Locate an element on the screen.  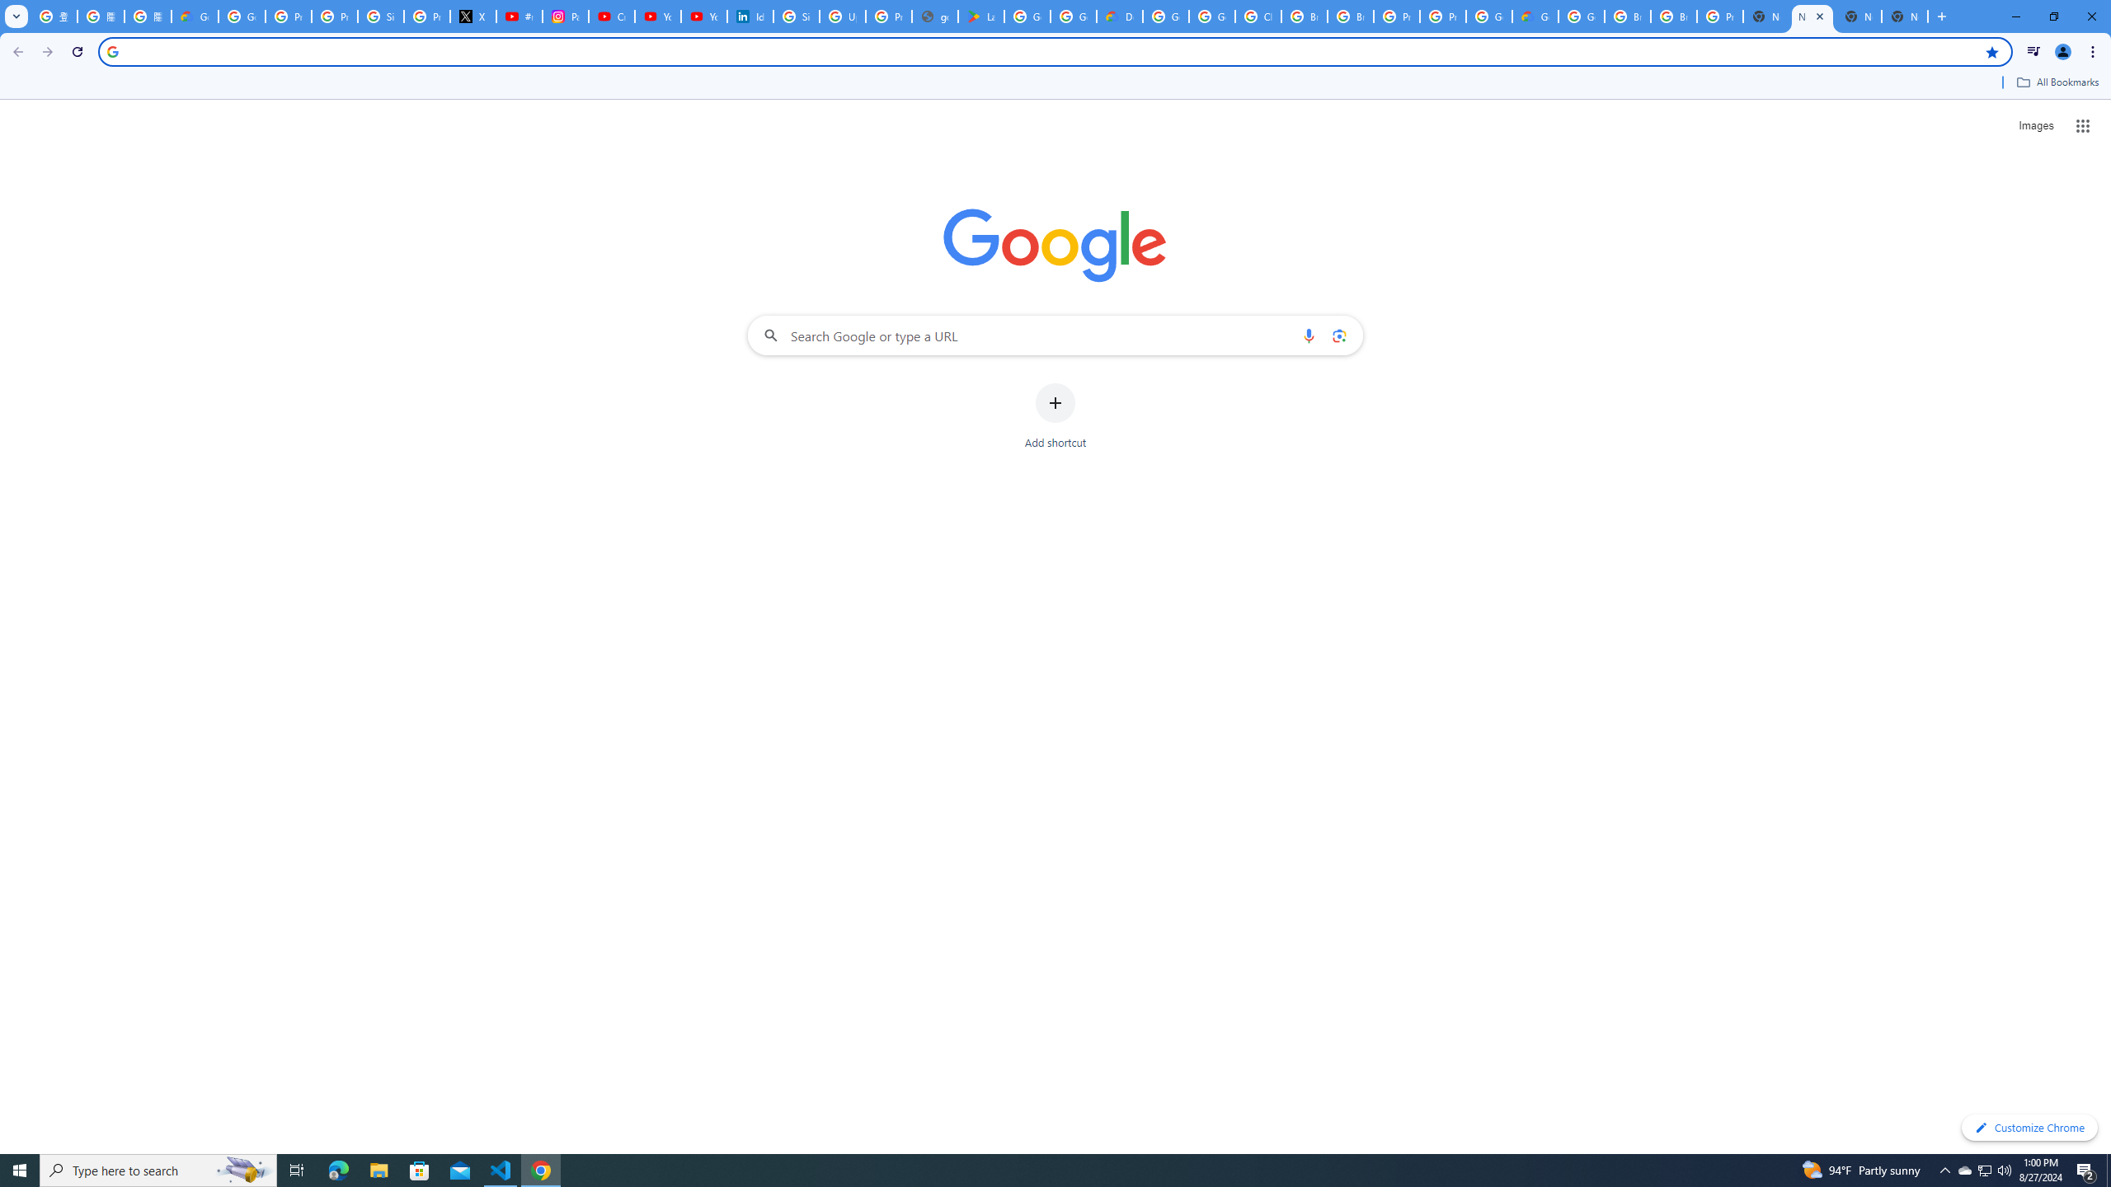
'Google Cloud Privacy Notice' is located at coordinates (195, 16).